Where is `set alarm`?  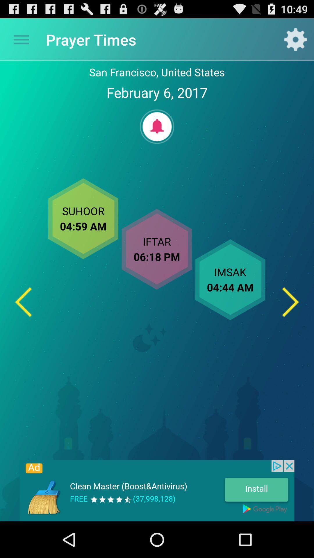
set alarm is located at coordinates (157, 126).